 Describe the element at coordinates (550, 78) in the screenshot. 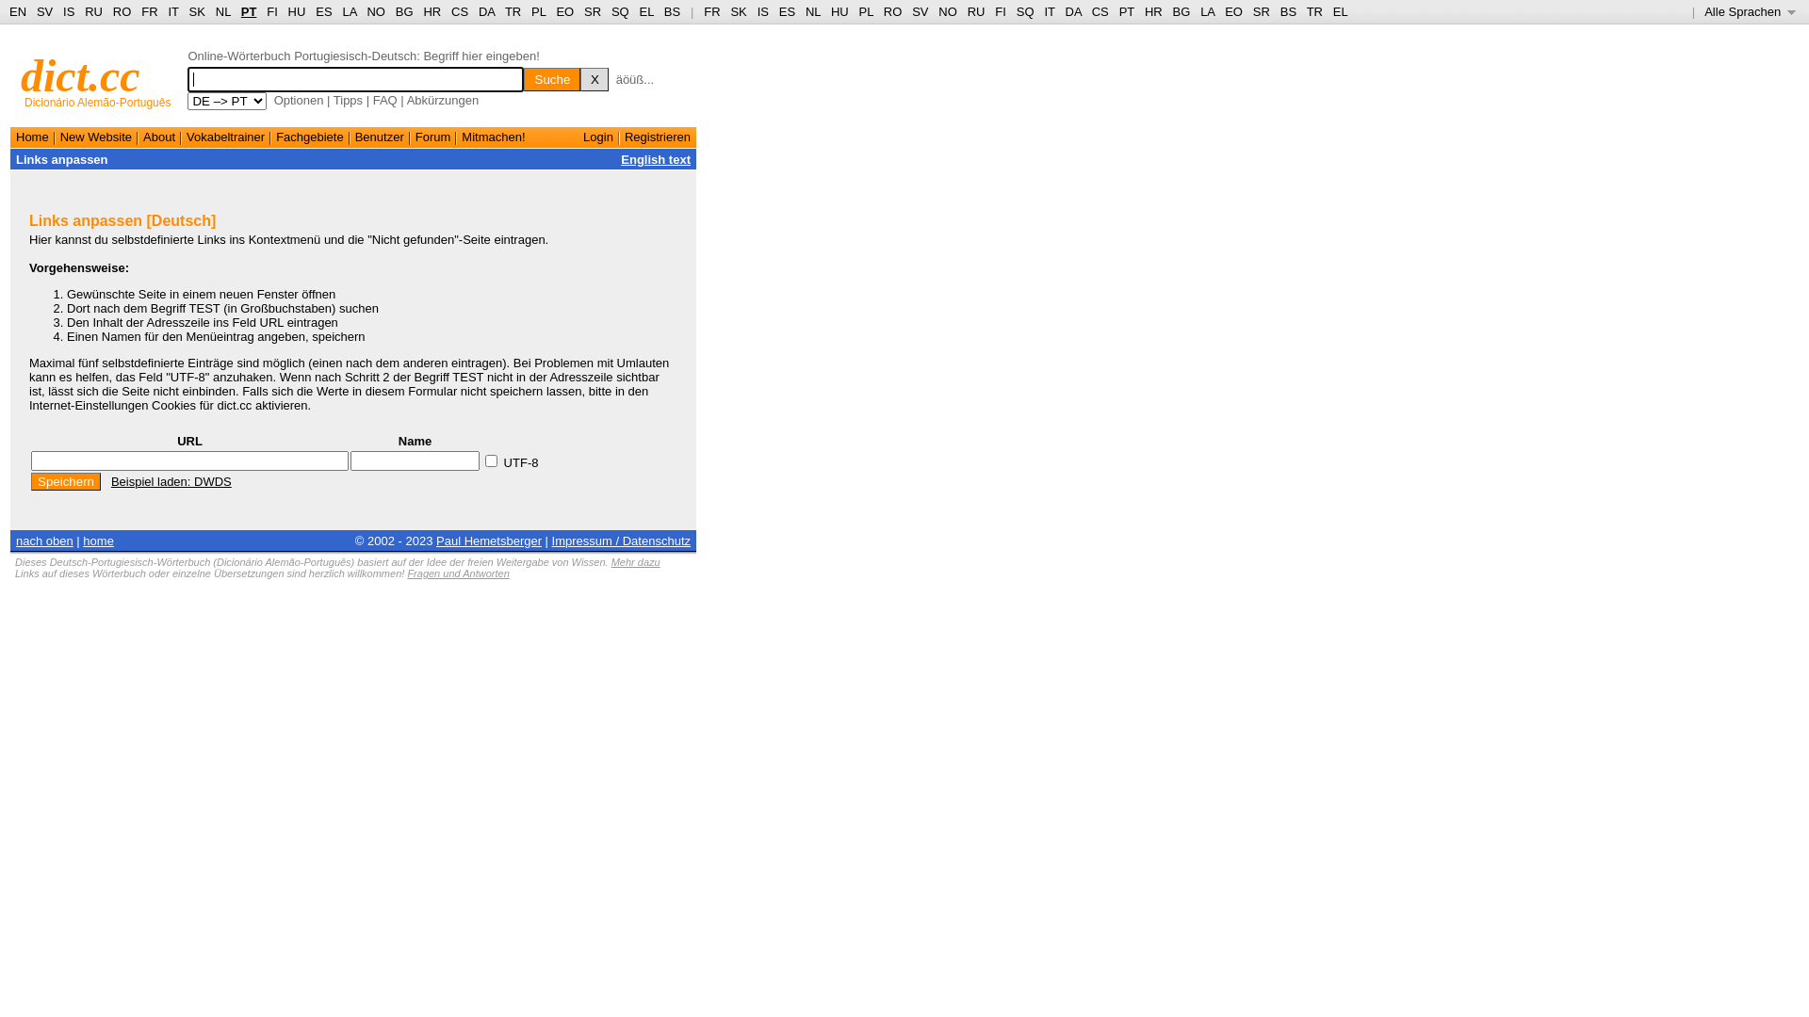

I see `'Suche'` at that location.